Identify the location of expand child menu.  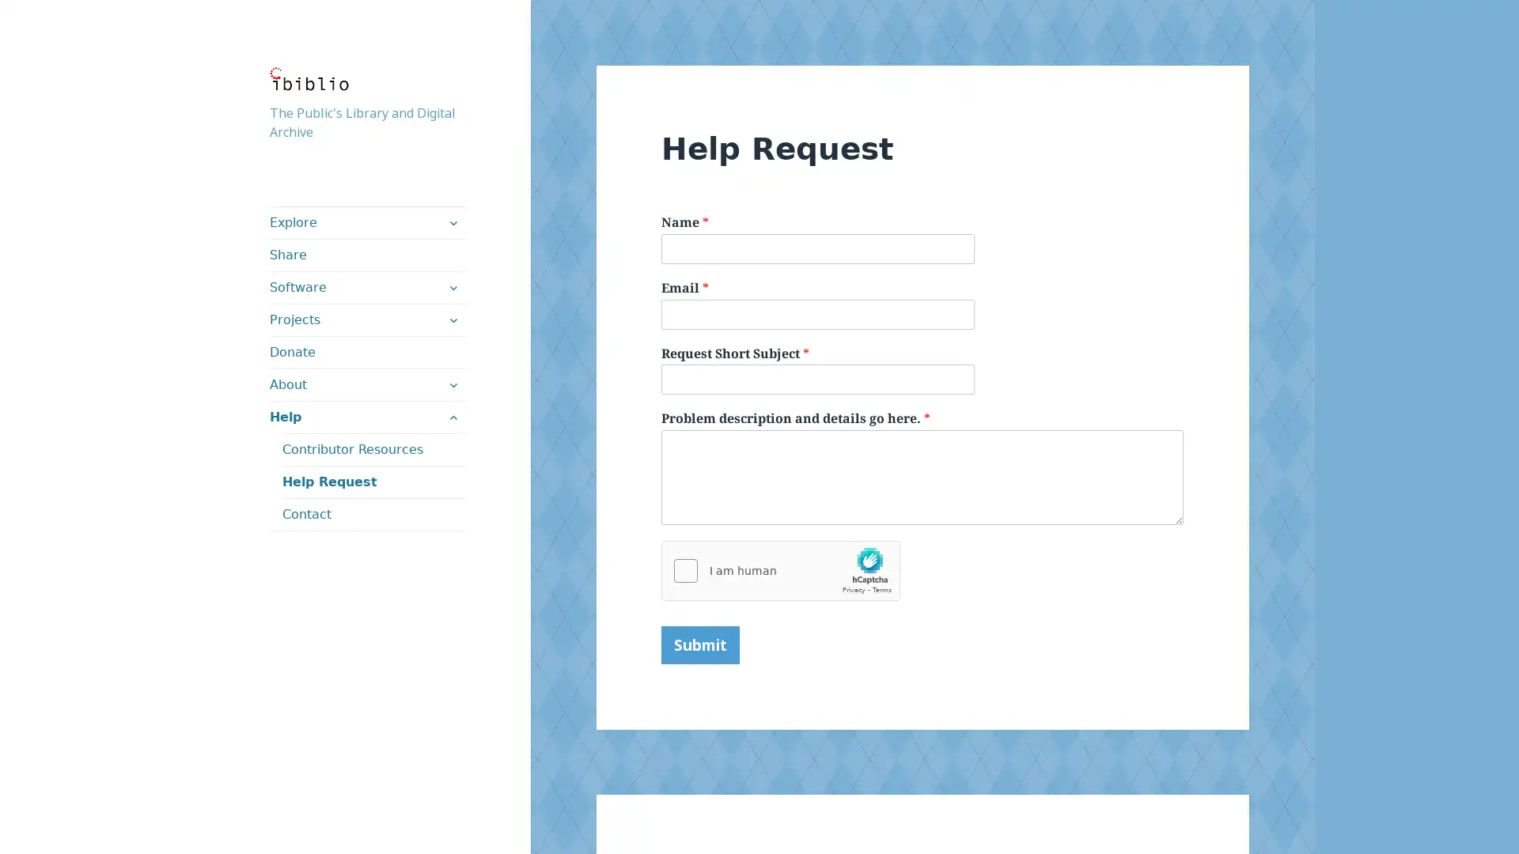
(451, 222).